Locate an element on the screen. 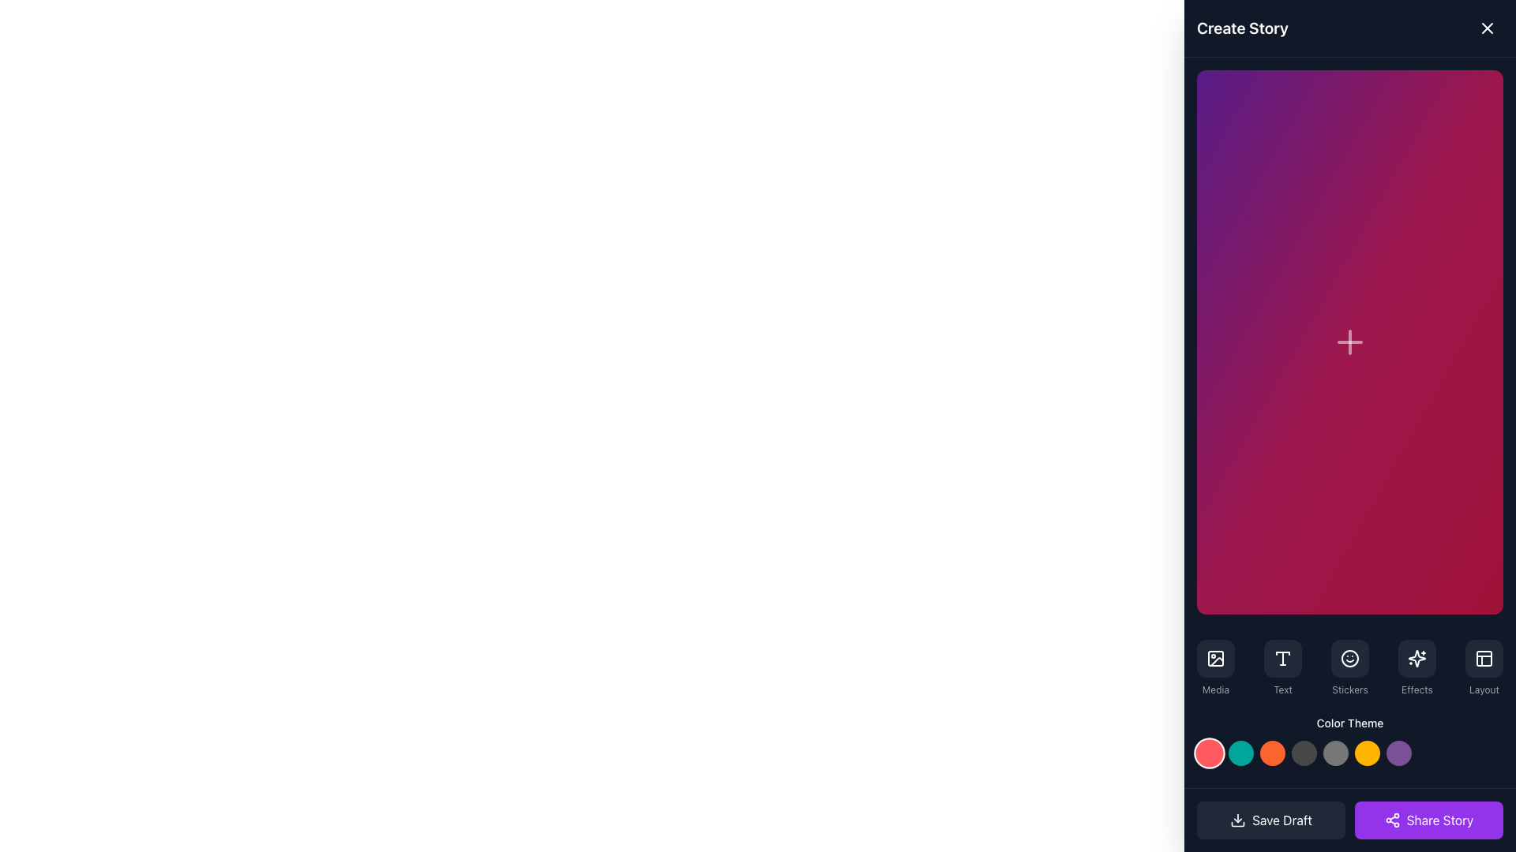 Image resolution: width=1516 pixels, height=852 pixels. the media selection icon button located in the top row of the toolbar at the bottom of the interface is located at coordinates (1215, 657).